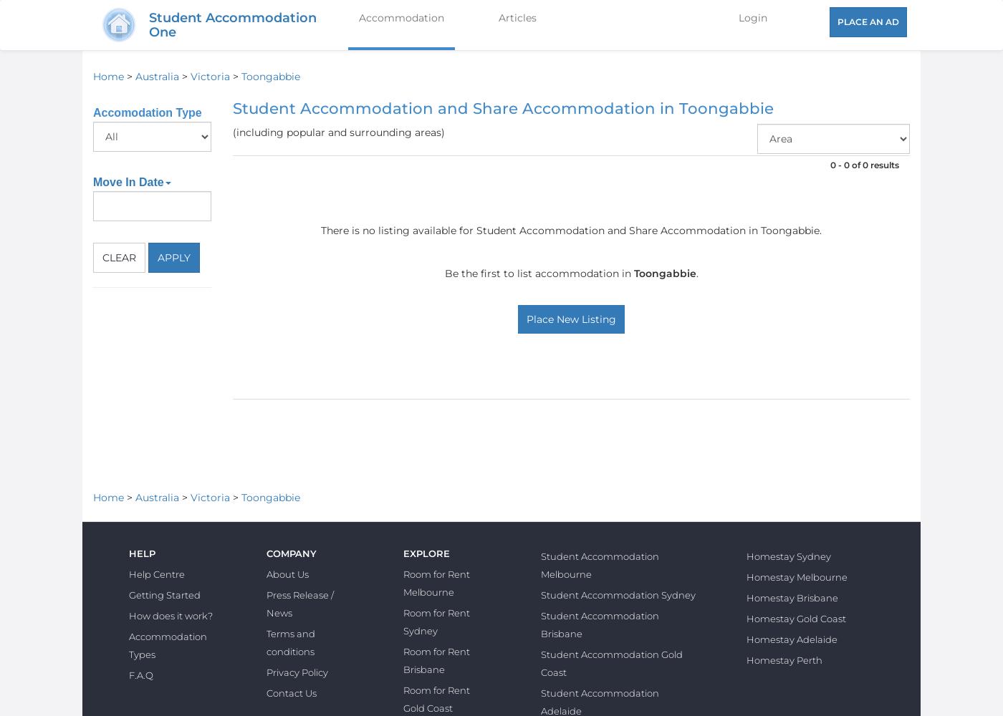 This screenshot has width=1003, height=716. Describe the element at coordinates (696, 274) in the screenshot. I see `'.'` at that location.